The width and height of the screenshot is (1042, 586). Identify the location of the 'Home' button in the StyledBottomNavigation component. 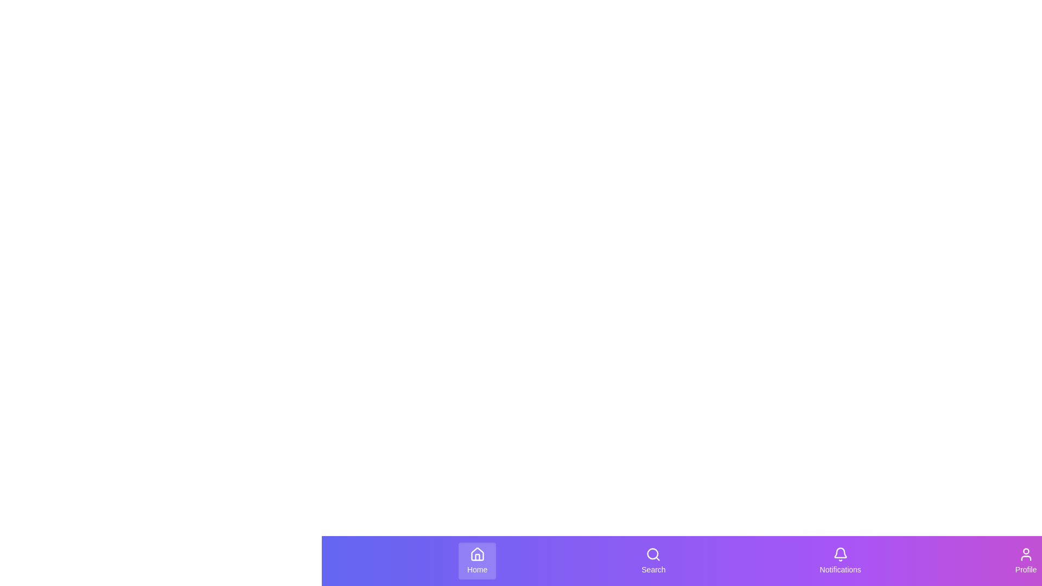
(477, 560).